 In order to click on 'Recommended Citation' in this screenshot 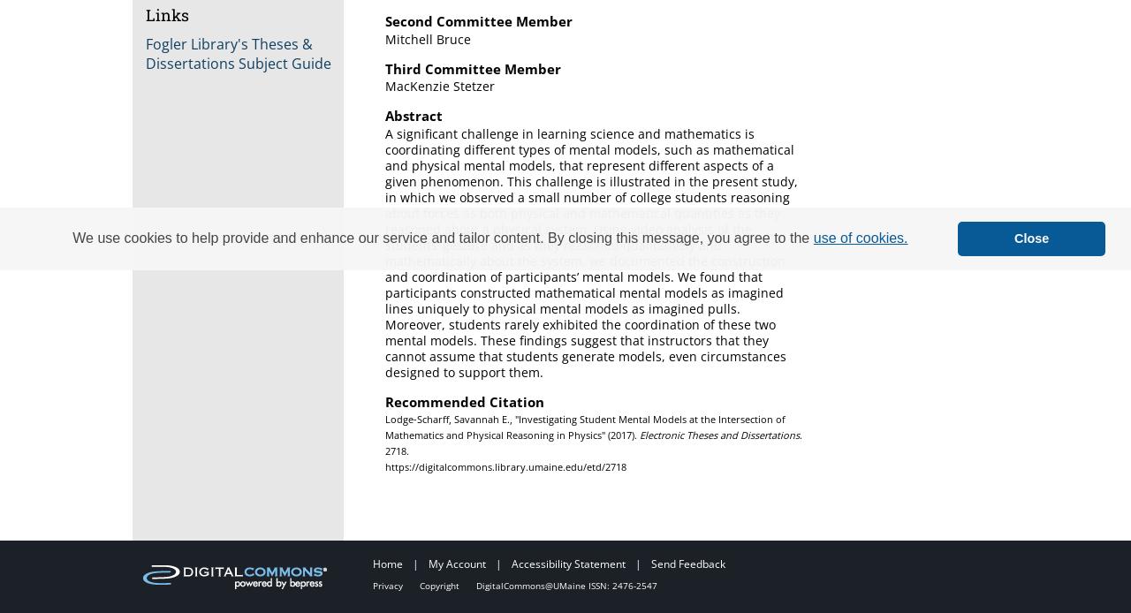, I will do `click(464, 400)`.